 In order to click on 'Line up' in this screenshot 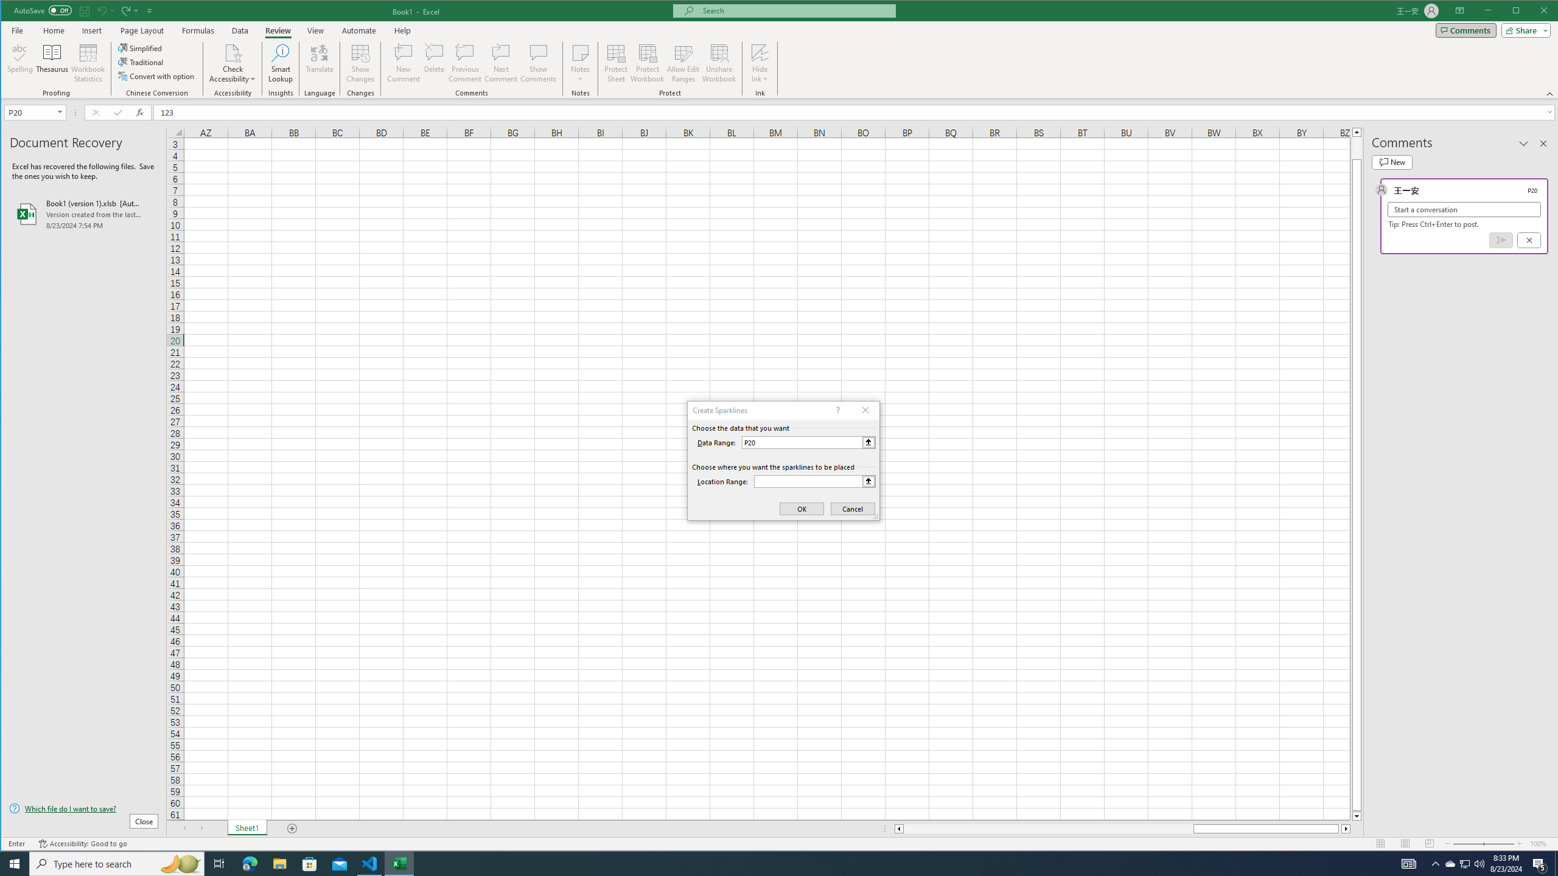, I will do `click(1357, 131)`.